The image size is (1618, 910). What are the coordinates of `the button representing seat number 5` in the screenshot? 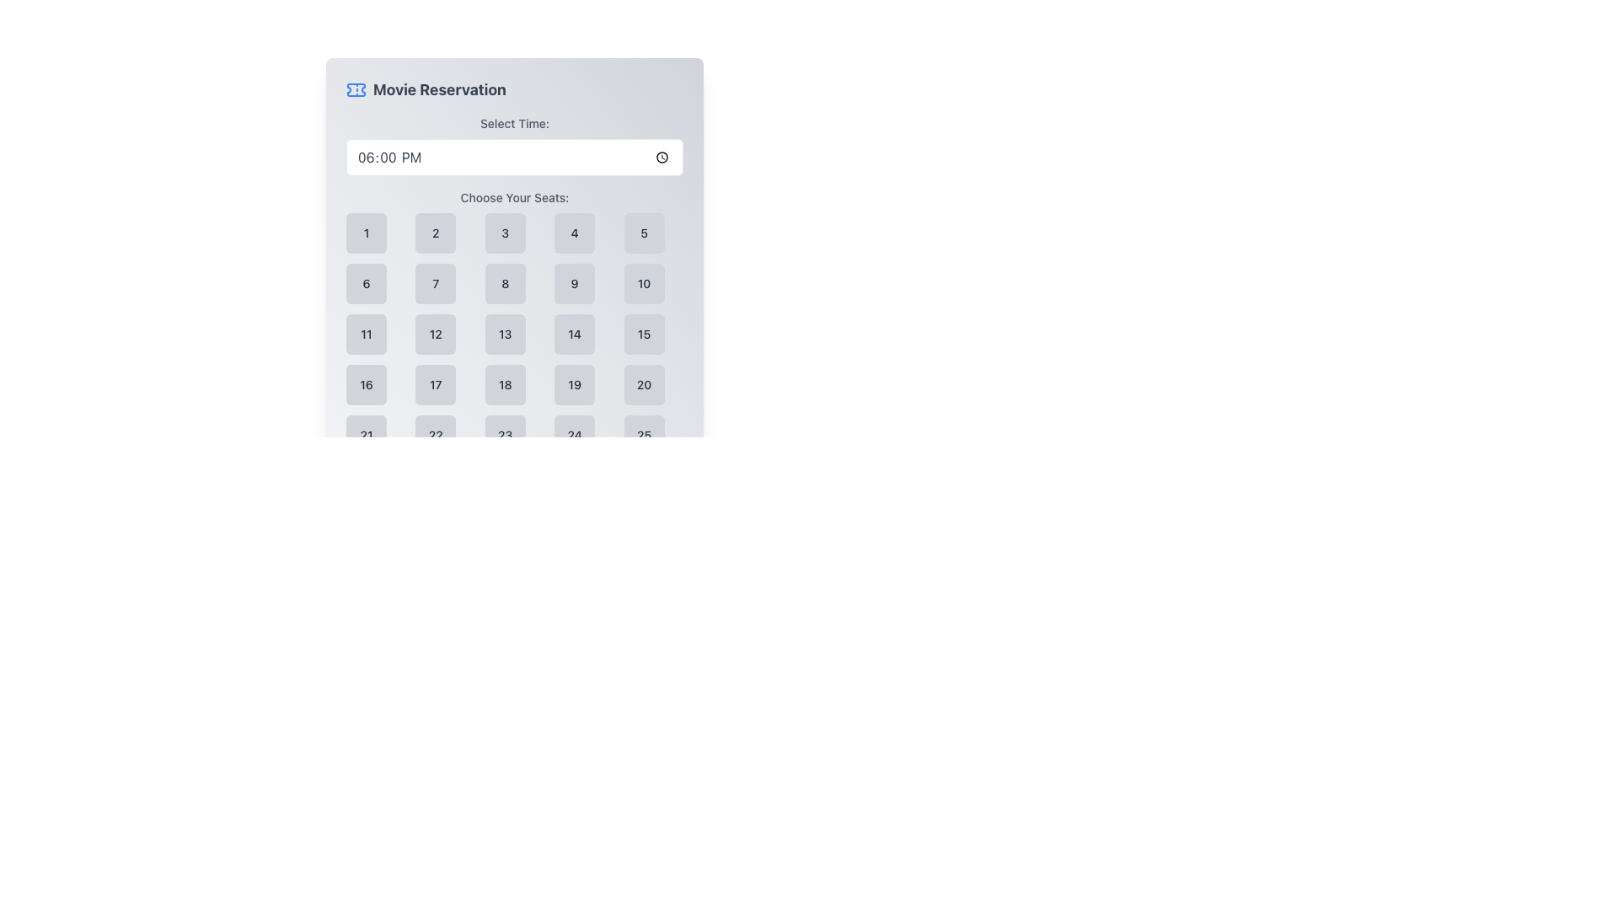 It's located at (643, 233).